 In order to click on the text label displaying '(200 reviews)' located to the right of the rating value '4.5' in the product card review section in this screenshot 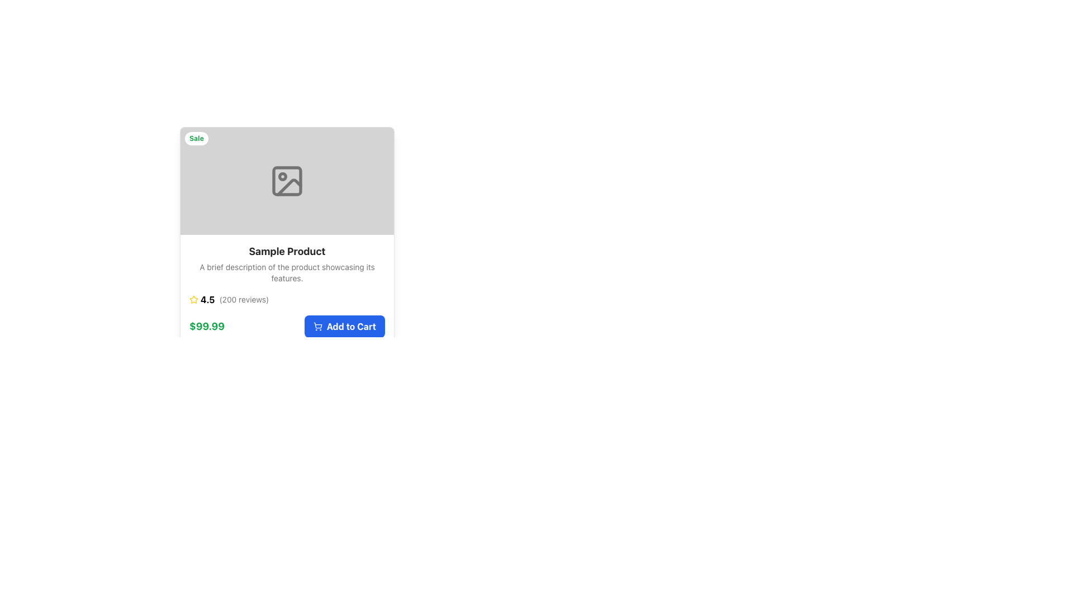, I will do `click(243, 299)`.